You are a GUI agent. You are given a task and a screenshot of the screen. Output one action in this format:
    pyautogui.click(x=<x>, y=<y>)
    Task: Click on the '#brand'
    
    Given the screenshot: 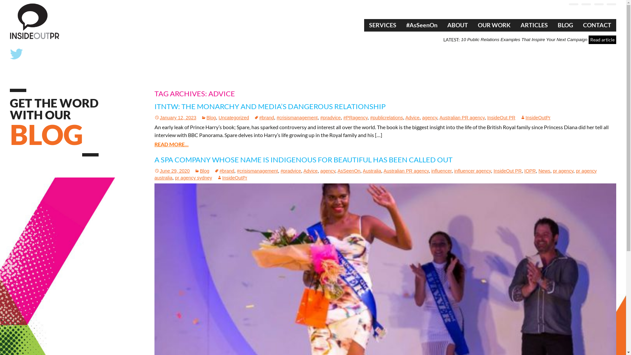 What is the action you would take?
    pyautogui.click(x=214, y=171)
    